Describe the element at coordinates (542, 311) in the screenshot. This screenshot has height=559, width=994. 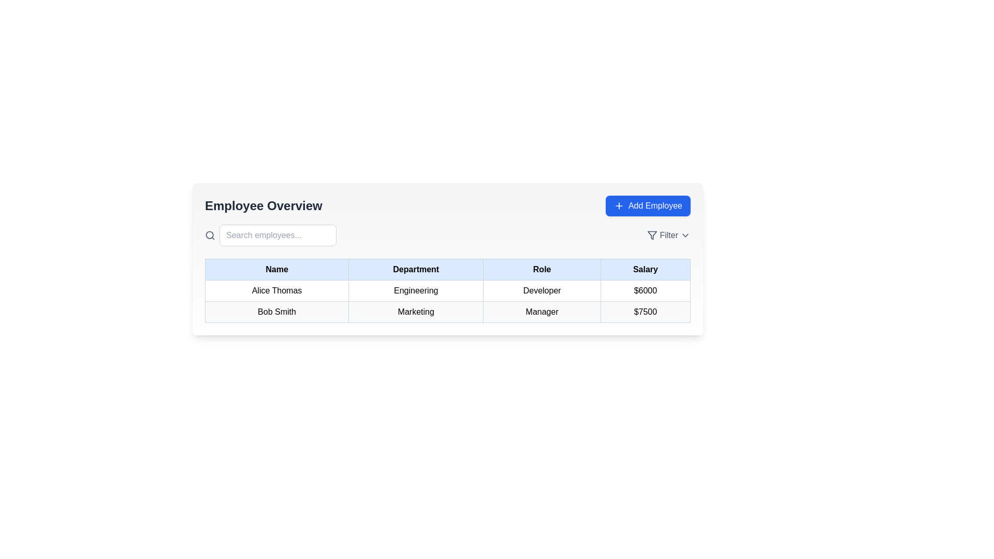
I see `the 'Manager' text cell in the third column of the second row of the table` at that location.